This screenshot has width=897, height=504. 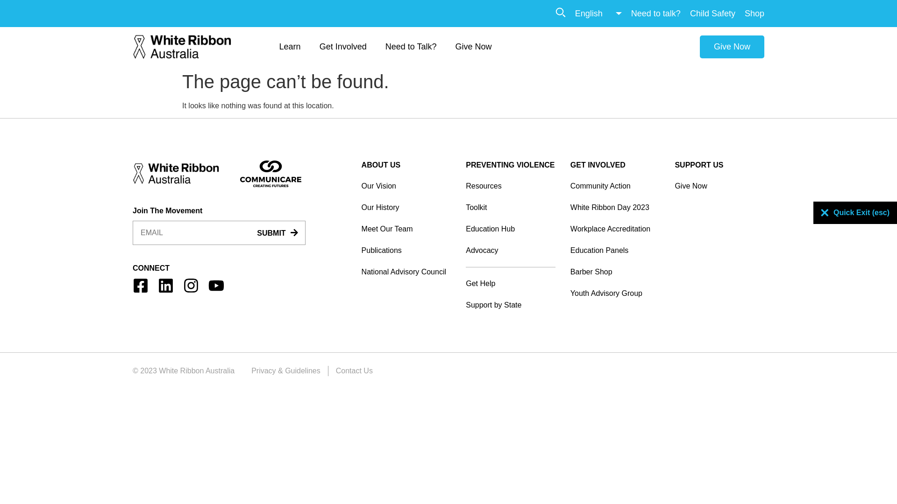 I want to click on 'White Ribbon Day 2023', so click(x=615, y=207).